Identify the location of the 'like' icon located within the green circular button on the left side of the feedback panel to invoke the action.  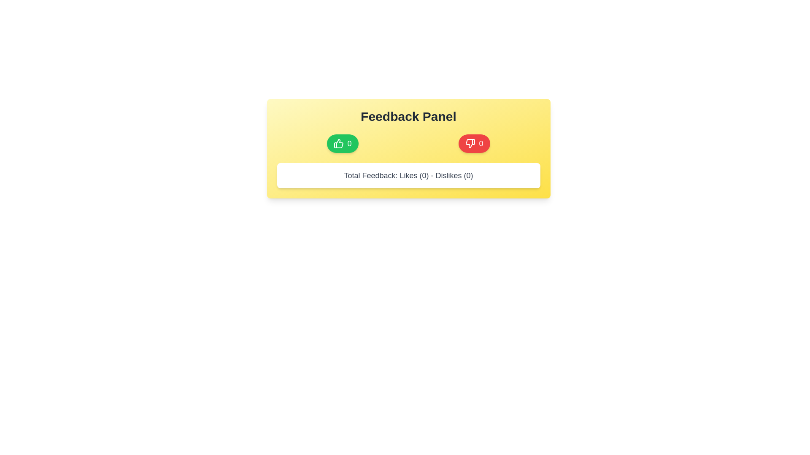
(339, 143).